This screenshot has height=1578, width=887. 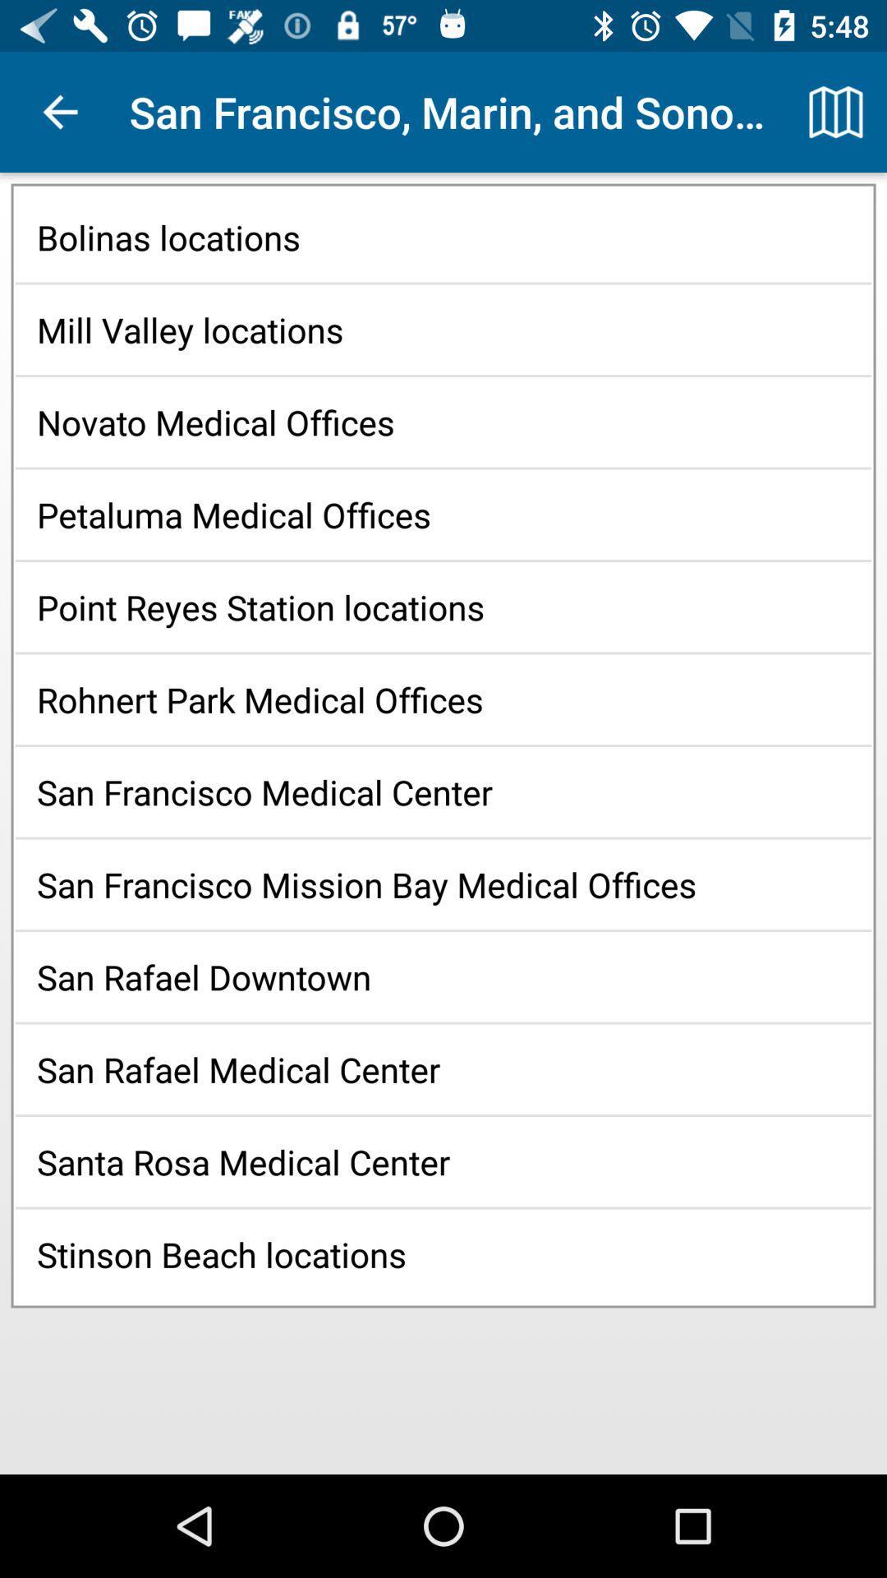 I want to click on the novato medical offices, so click(x=443, y=422).